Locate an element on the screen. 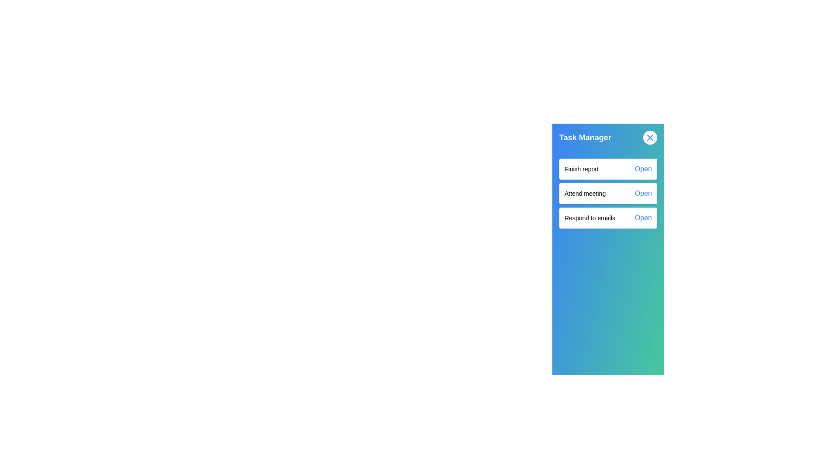 The image size is (839, 472). the 'X' icon in the top-right corner of the application layout is located at coordinates (650, 138).